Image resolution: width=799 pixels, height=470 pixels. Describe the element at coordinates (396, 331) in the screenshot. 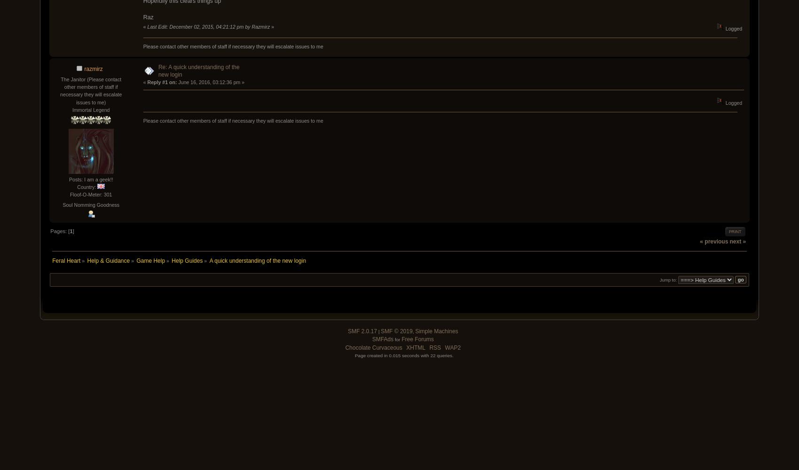

I see `'SMF © 2019'` at that location.